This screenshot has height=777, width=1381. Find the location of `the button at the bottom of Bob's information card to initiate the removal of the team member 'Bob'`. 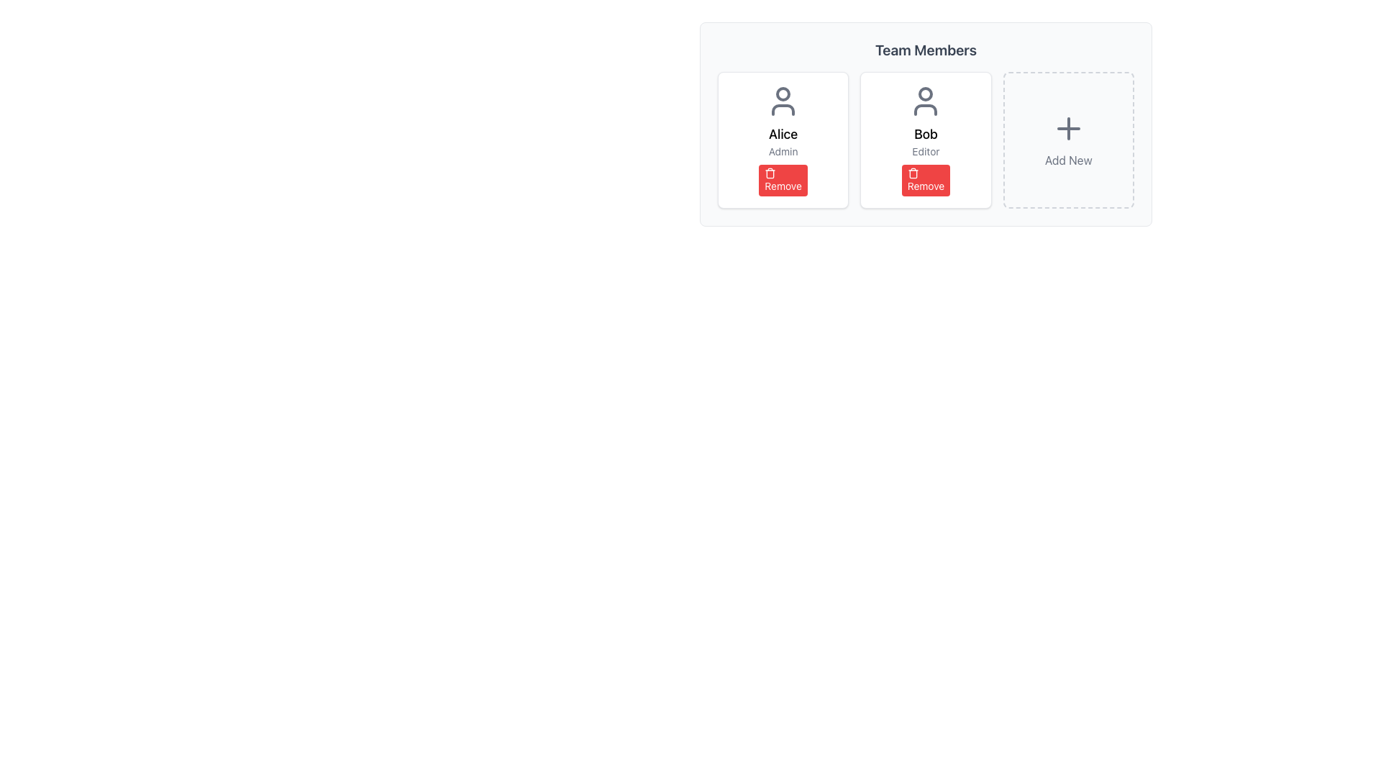

the button at the bottom of Bob's information card to initiate the removal of the team member 'Bob' is located at coordinates (926, 179).